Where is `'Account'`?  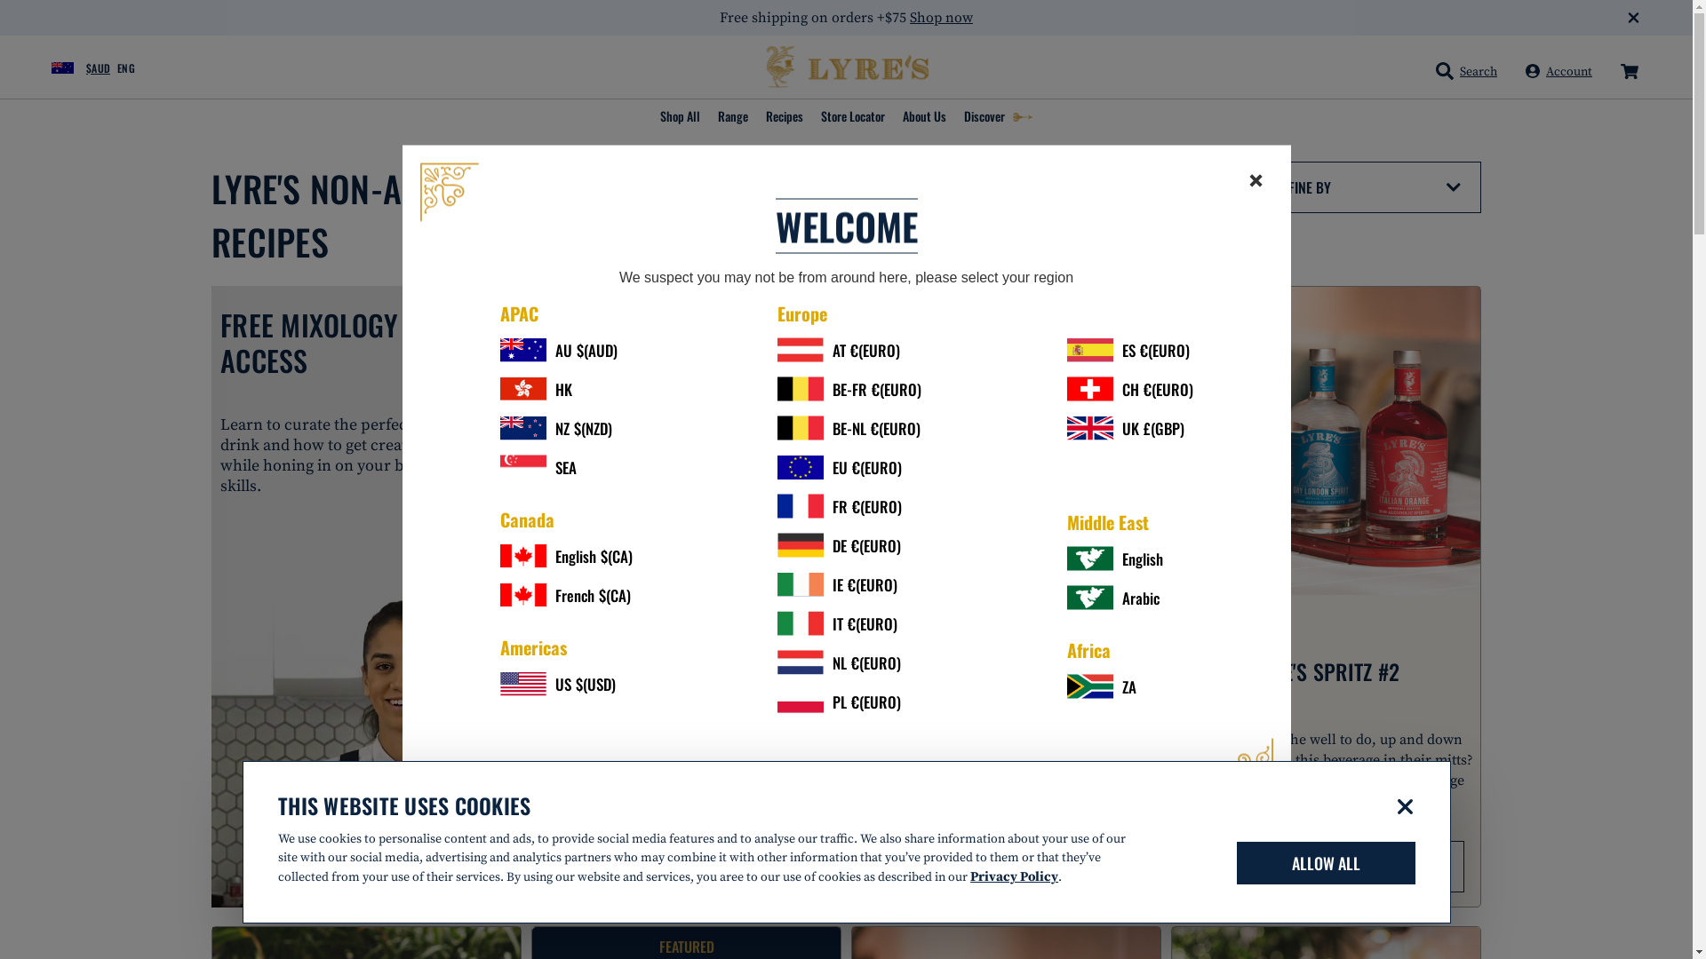 'Account' is located at coordinates (1558, 71).